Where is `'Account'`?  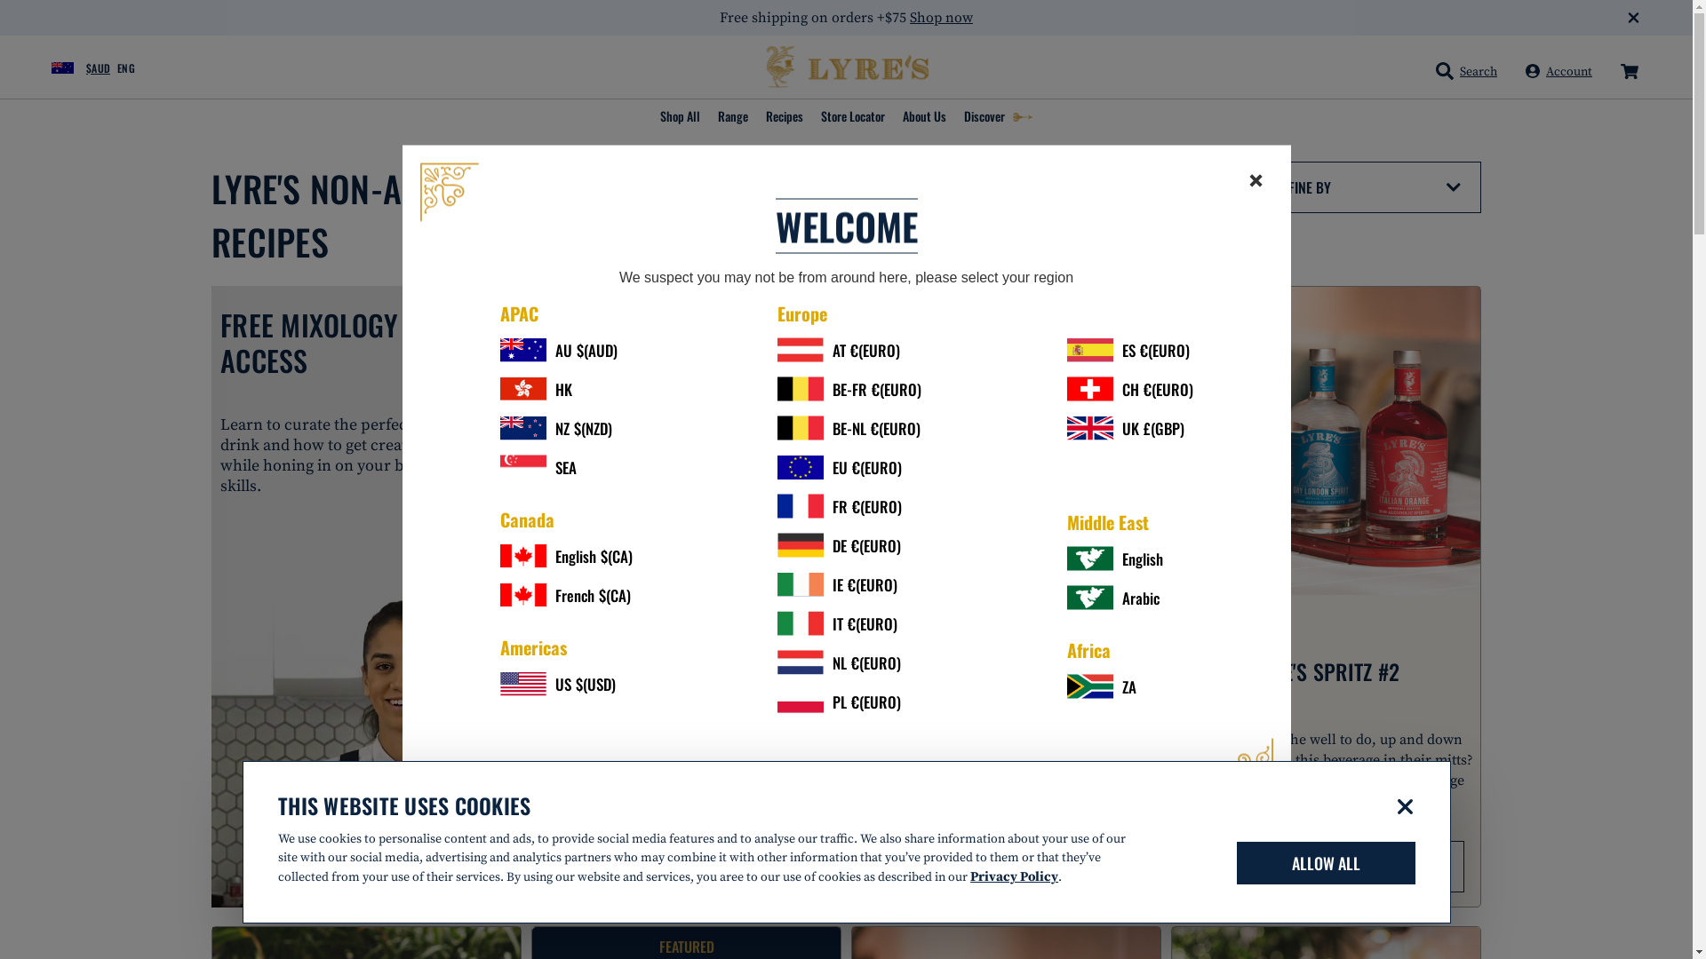 'Account' is located at coordinates (1558, 71).